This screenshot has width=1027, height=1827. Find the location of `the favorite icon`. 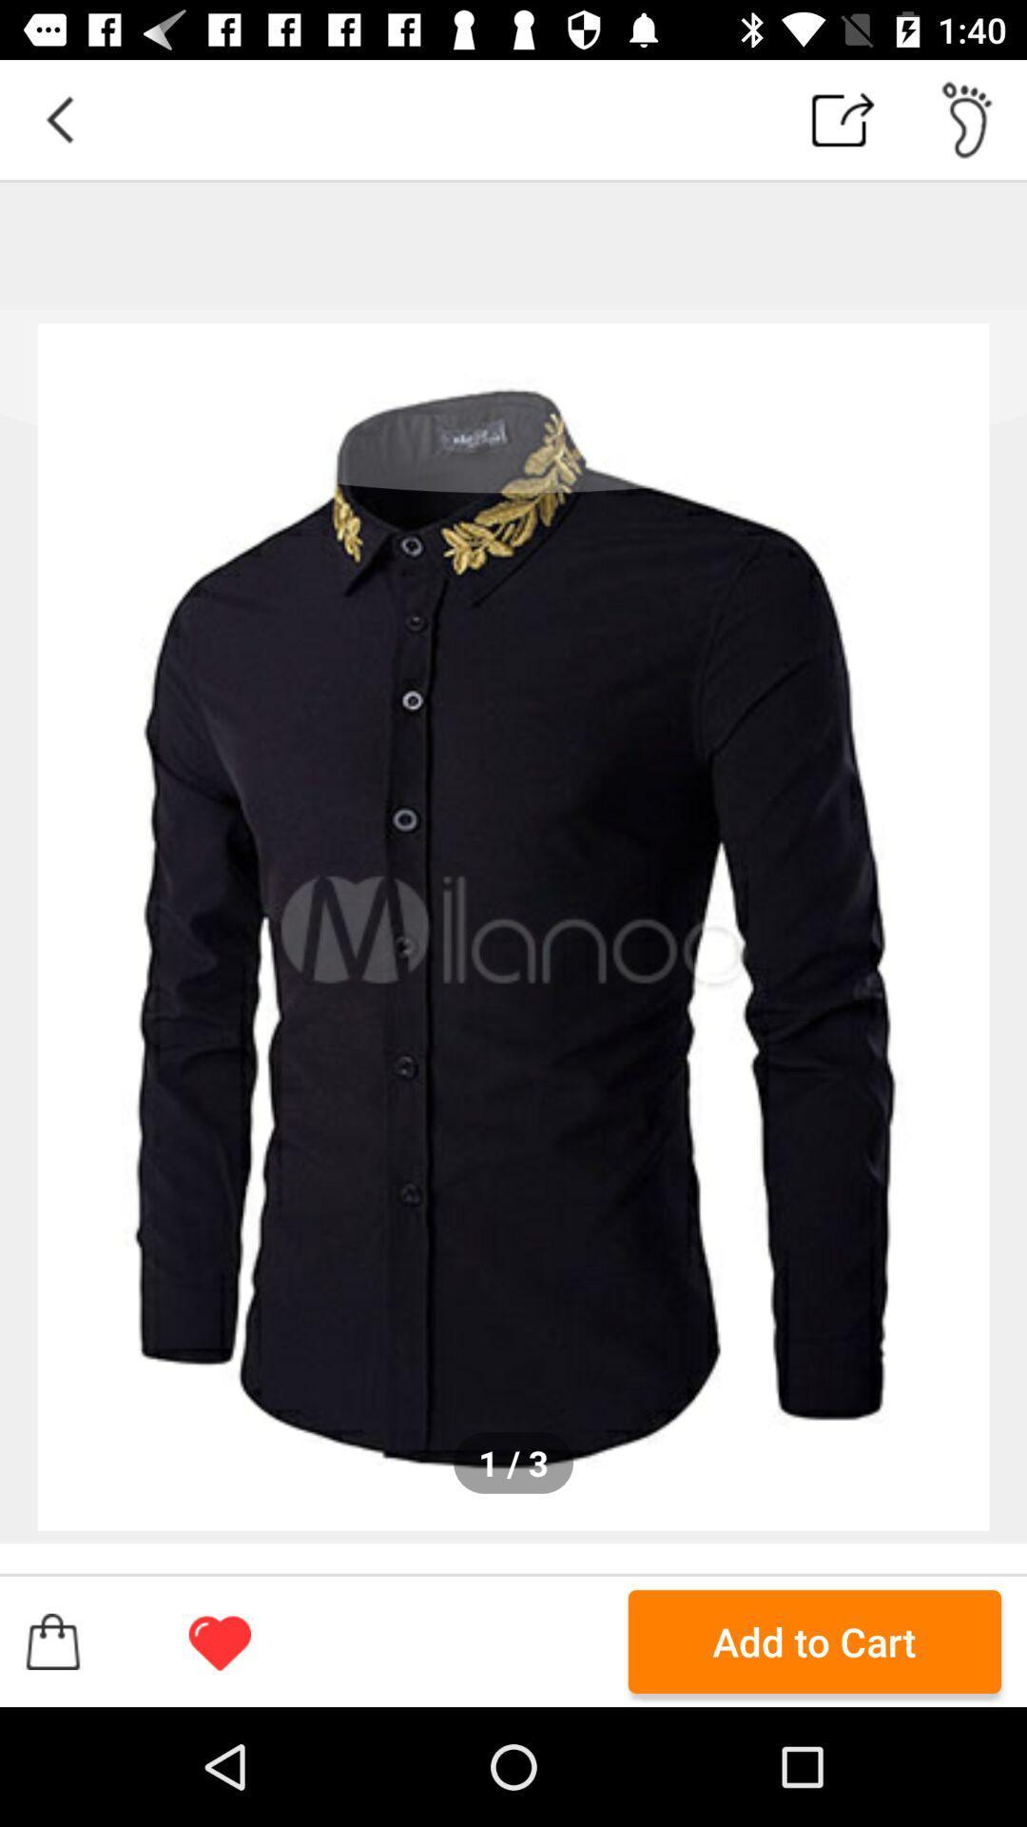

the favorite icon is located at coordinates (219, 1640).